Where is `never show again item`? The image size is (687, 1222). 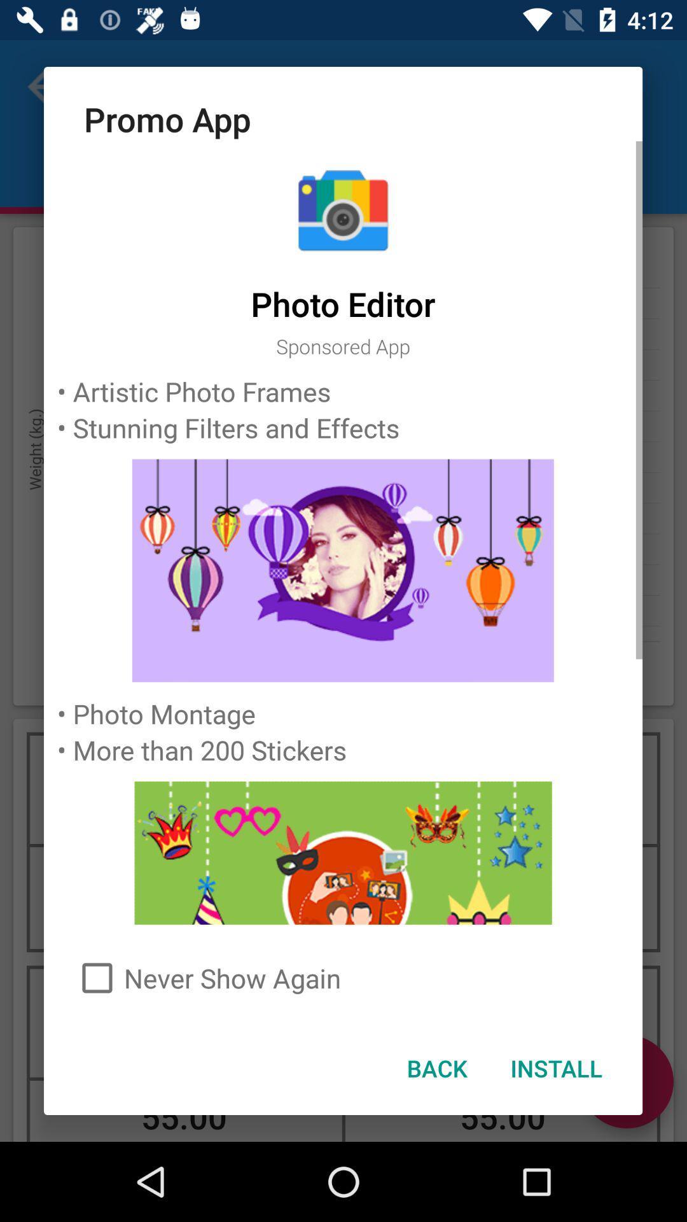 never show again item is located at coordinates (342, 977).